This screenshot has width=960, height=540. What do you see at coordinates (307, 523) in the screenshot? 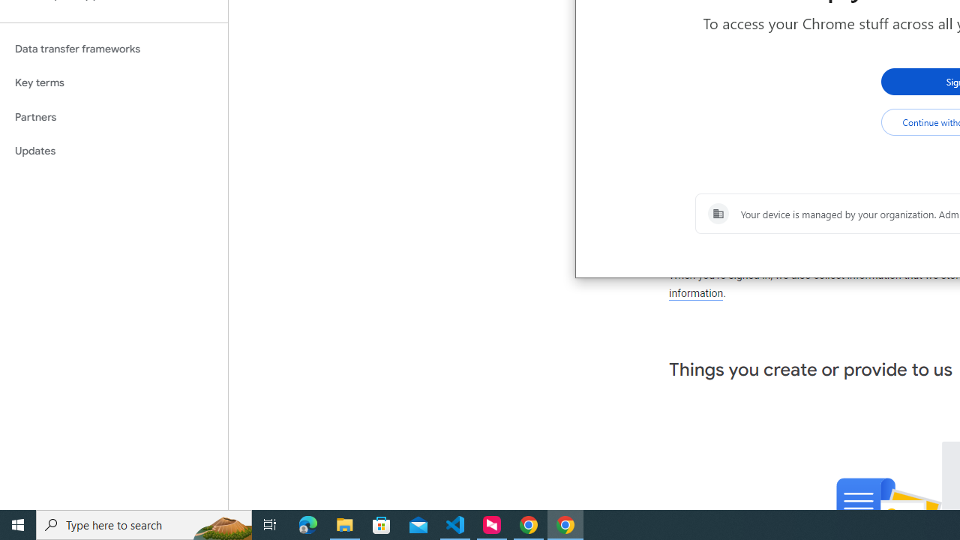
I see `'Microsoft Edge'` at bounding box center [307, 523].